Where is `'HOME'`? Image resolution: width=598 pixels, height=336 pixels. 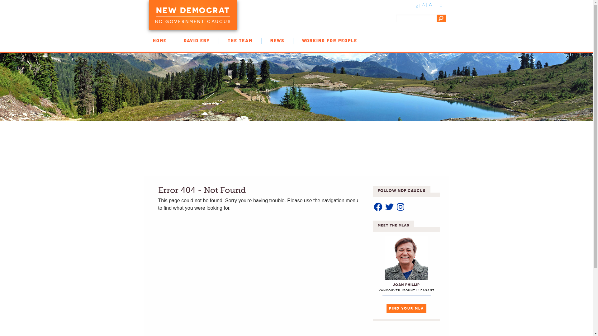
'HOME' is located at coordinates (143, 41).